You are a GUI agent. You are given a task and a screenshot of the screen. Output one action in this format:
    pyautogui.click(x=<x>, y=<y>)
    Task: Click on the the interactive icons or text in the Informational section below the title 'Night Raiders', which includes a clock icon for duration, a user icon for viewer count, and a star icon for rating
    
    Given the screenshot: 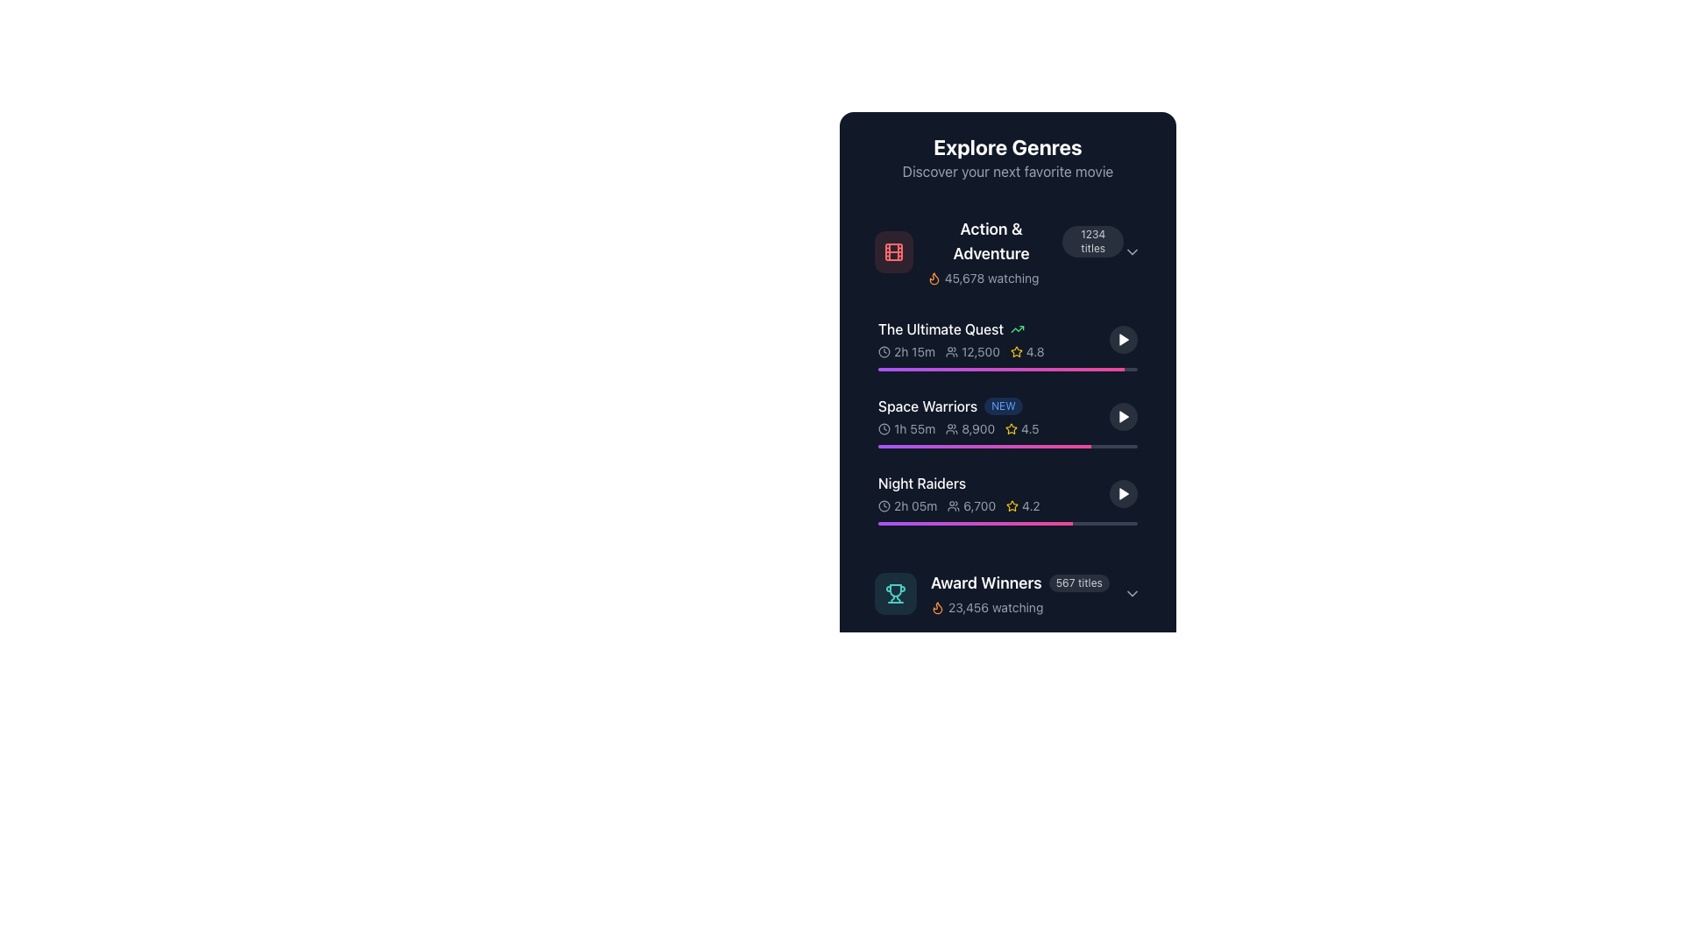 What is the action you would take?
    pyautogui.click(x=993, y=506)
    